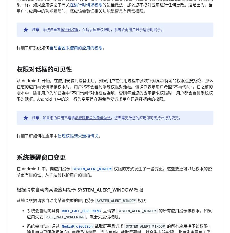  I want to click on 'ALERT', so click(103, 190).